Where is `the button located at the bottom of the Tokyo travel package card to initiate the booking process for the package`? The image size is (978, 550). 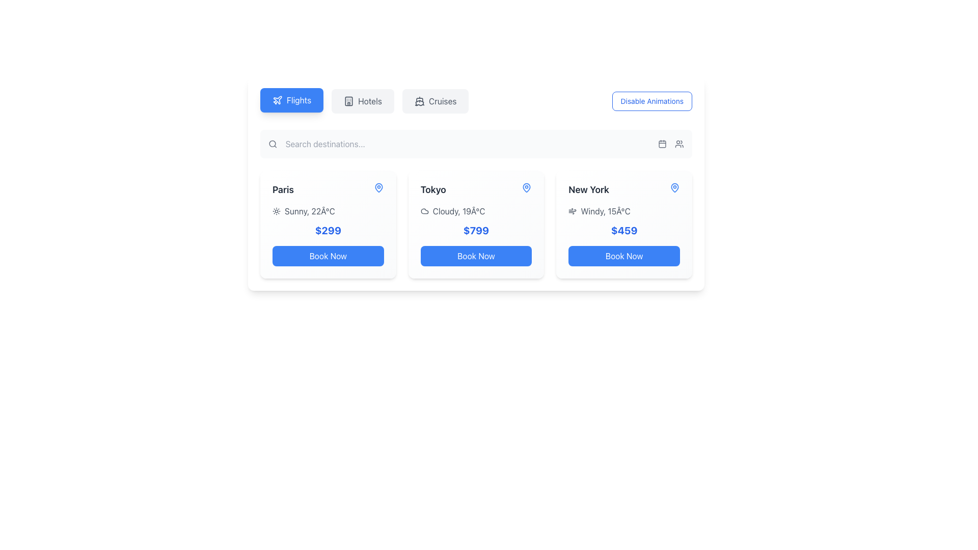
the button located at the bottom of the Tokyo travel package card to initiate the booking process for the package is located at coordinates (476, 255).